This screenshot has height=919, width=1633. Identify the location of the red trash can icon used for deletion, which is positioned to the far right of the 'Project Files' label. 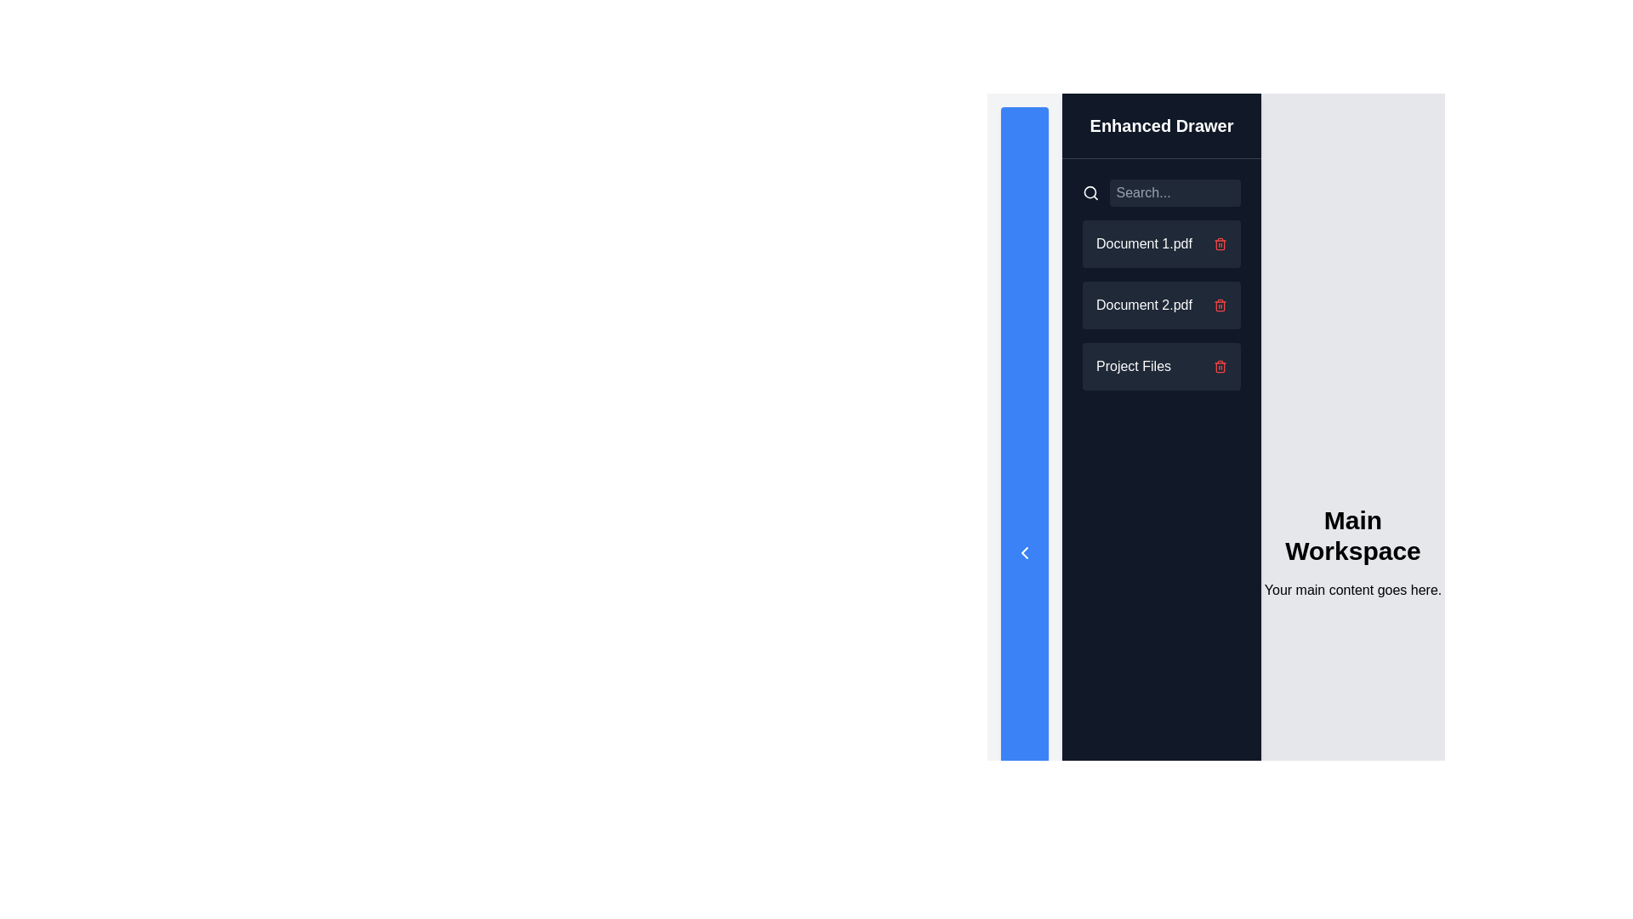
(1220, 366).